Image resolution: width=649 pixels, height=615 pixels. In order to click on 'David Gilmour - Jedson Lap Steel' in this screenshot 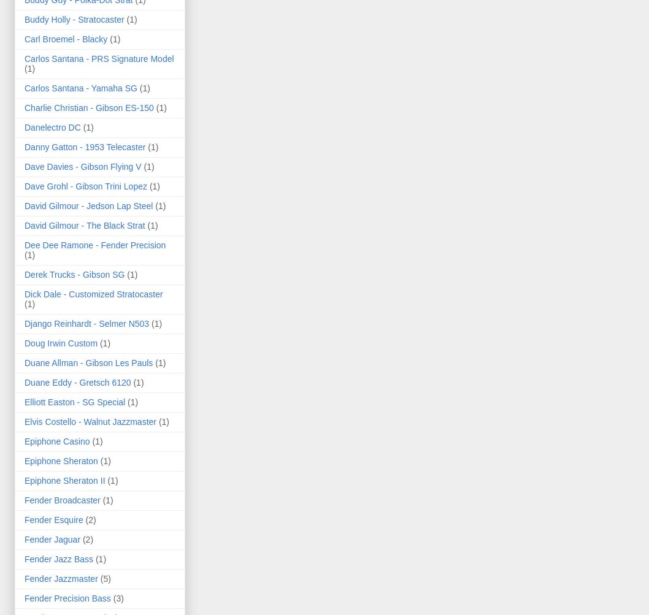, I will do `click(88, 205)`.